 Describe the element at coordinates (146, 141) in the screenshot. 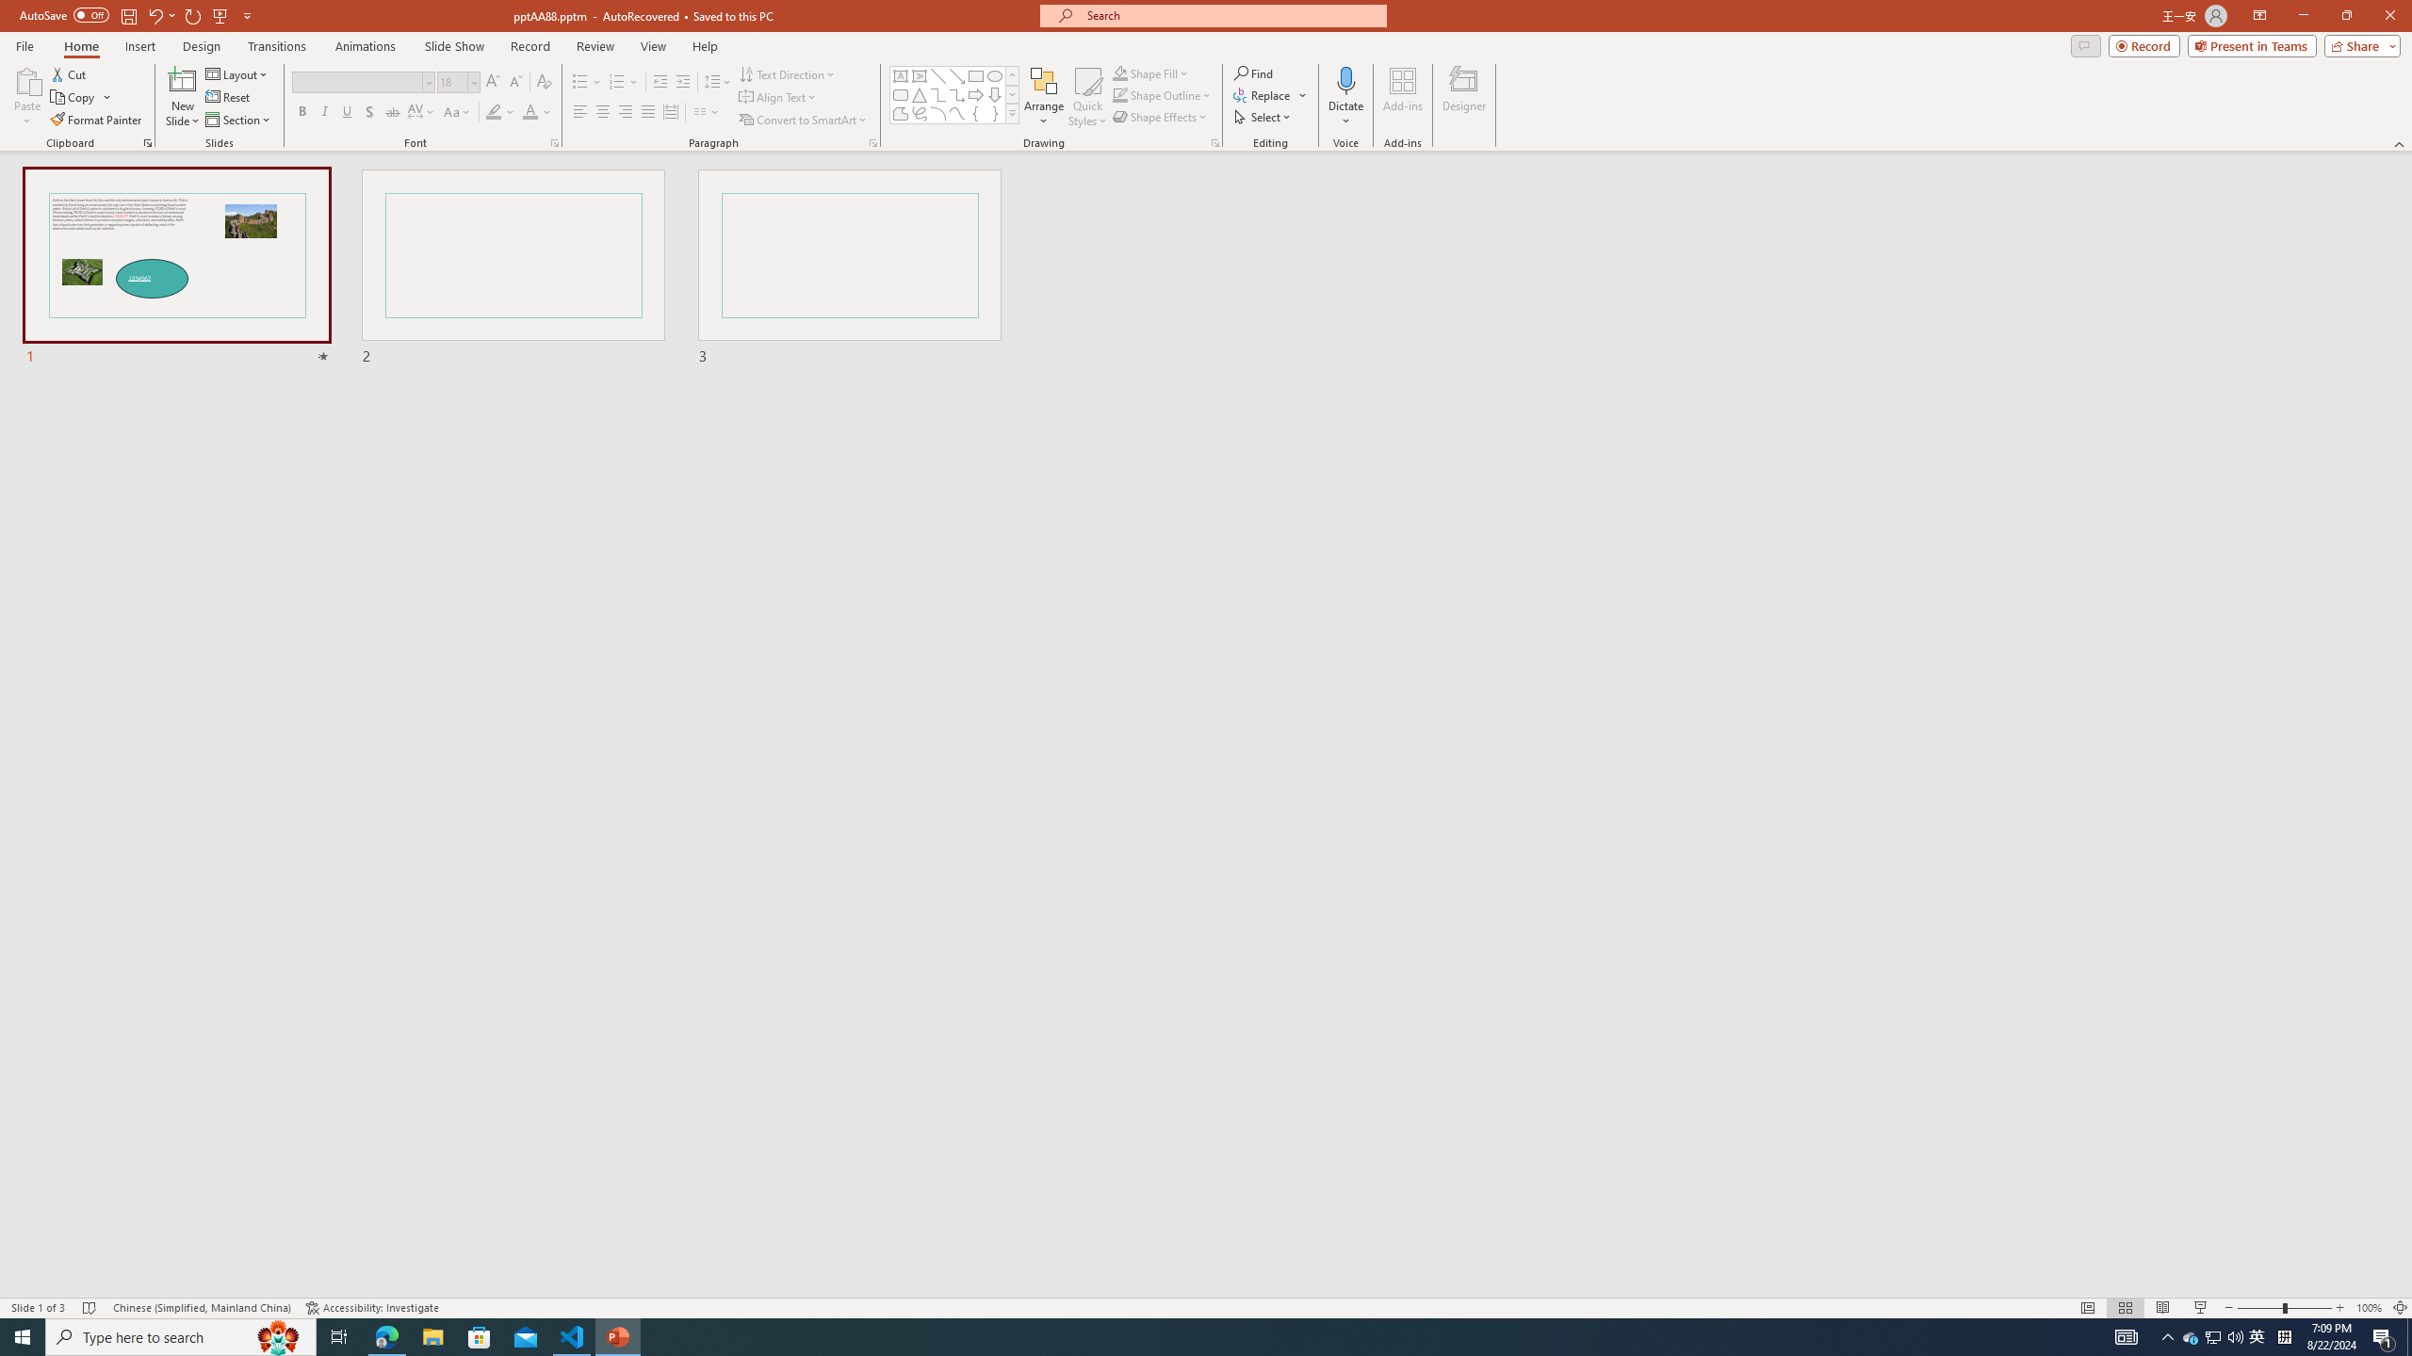

I see `'Office Clipboard...'` at that location.